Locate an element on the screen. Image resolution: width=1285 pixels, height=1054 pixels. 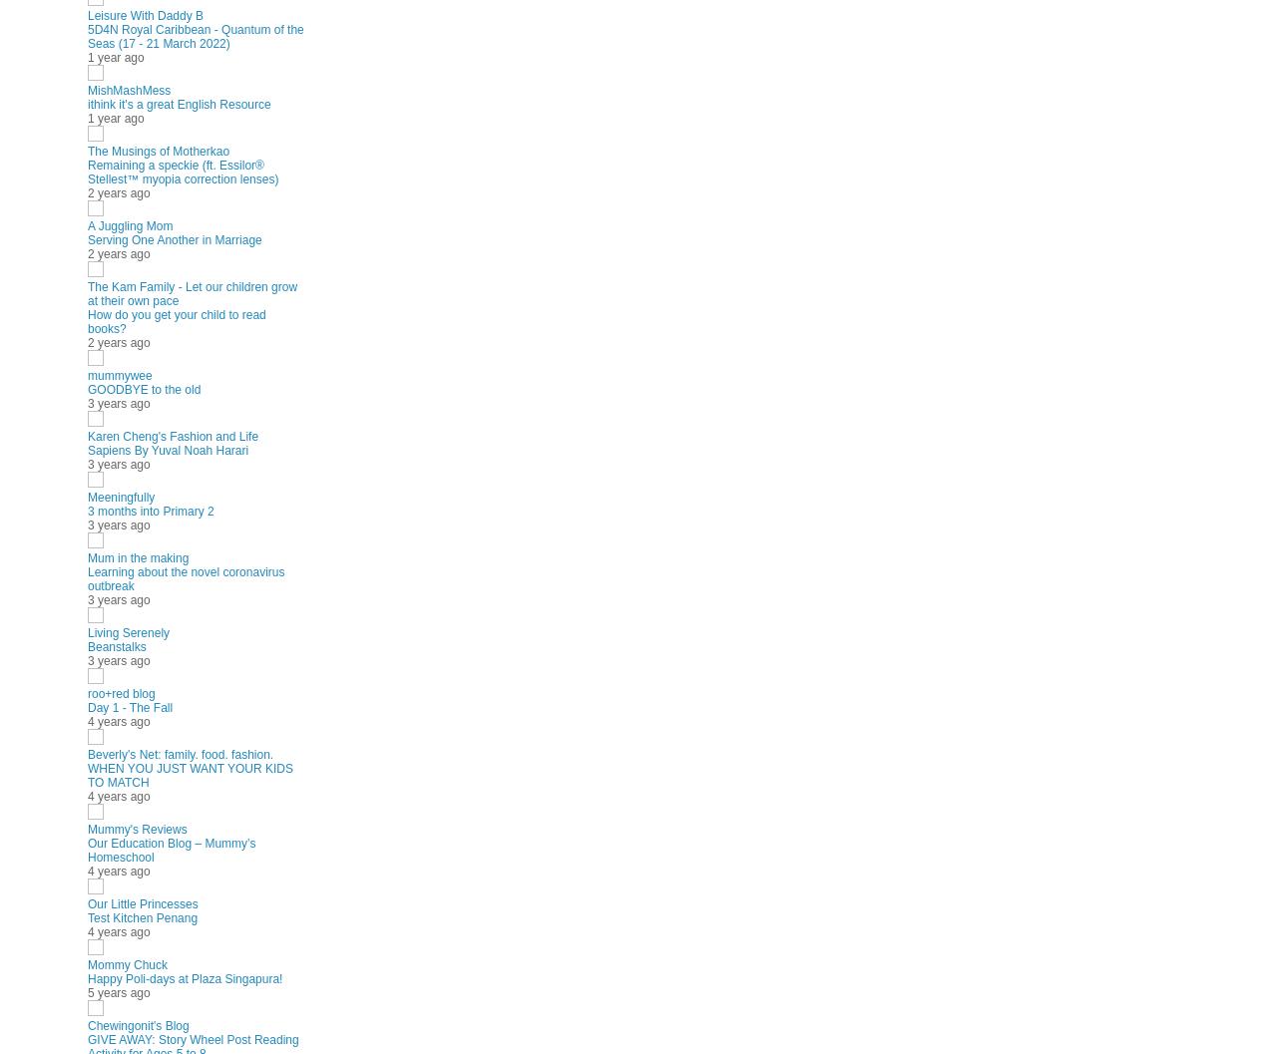
'Beanstalks' is located at coordinates (116, 646).